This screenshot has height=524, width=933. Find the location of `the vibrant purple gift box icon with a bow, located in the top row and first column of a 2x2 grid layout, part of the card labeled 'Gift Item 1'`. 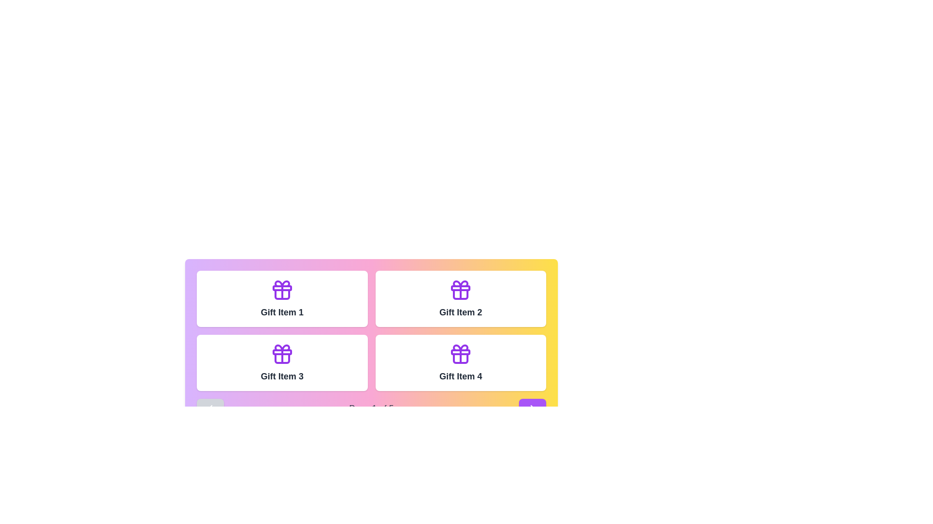

the vibrant purple gift box icon with a bow, located in the top row and first column of a 2x2 grid layout, part of the card labeled 'Gift Item 1' is located at coordinates (281, 289).